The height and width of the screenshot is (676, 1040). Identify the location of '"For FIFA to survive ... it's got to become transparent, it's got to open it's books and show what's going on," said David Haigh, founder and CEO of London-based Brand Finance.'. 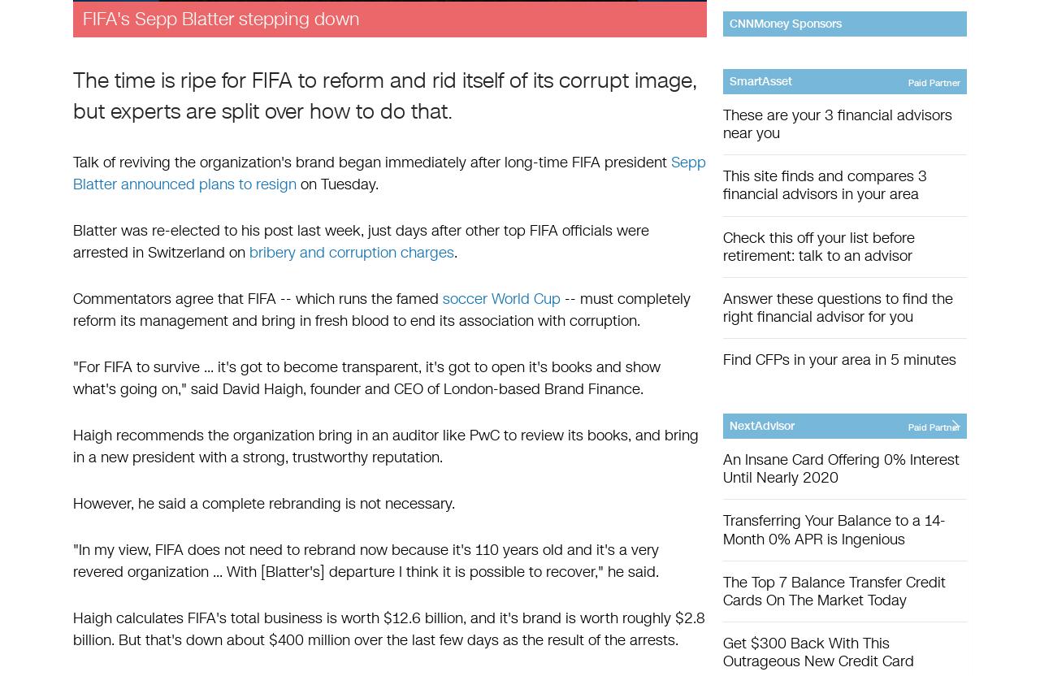
(71, 378).